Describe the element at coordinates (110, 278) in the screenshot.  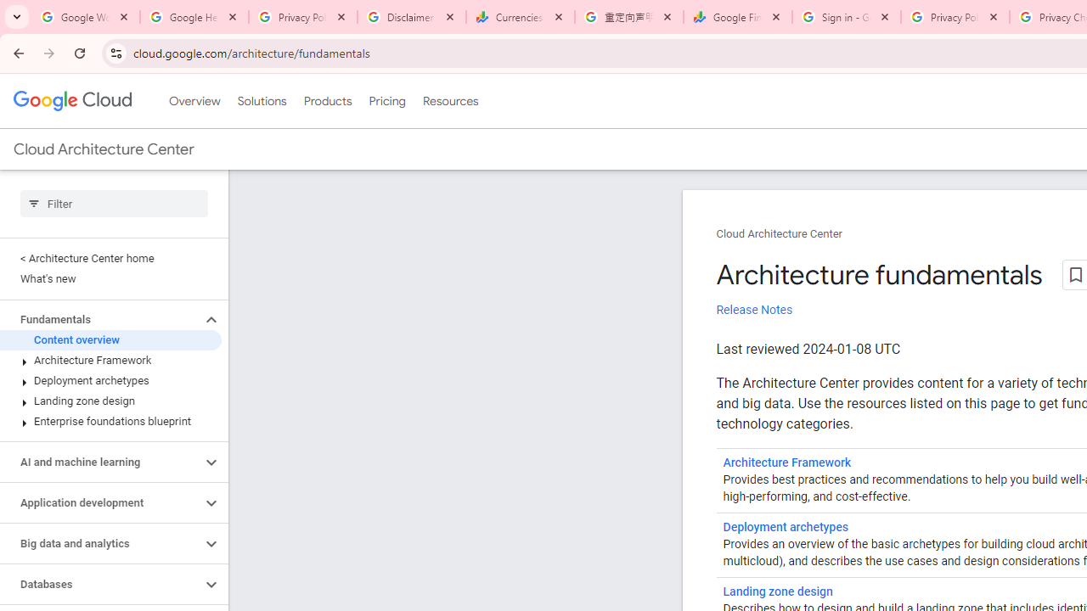
I see `'What'` at that location.